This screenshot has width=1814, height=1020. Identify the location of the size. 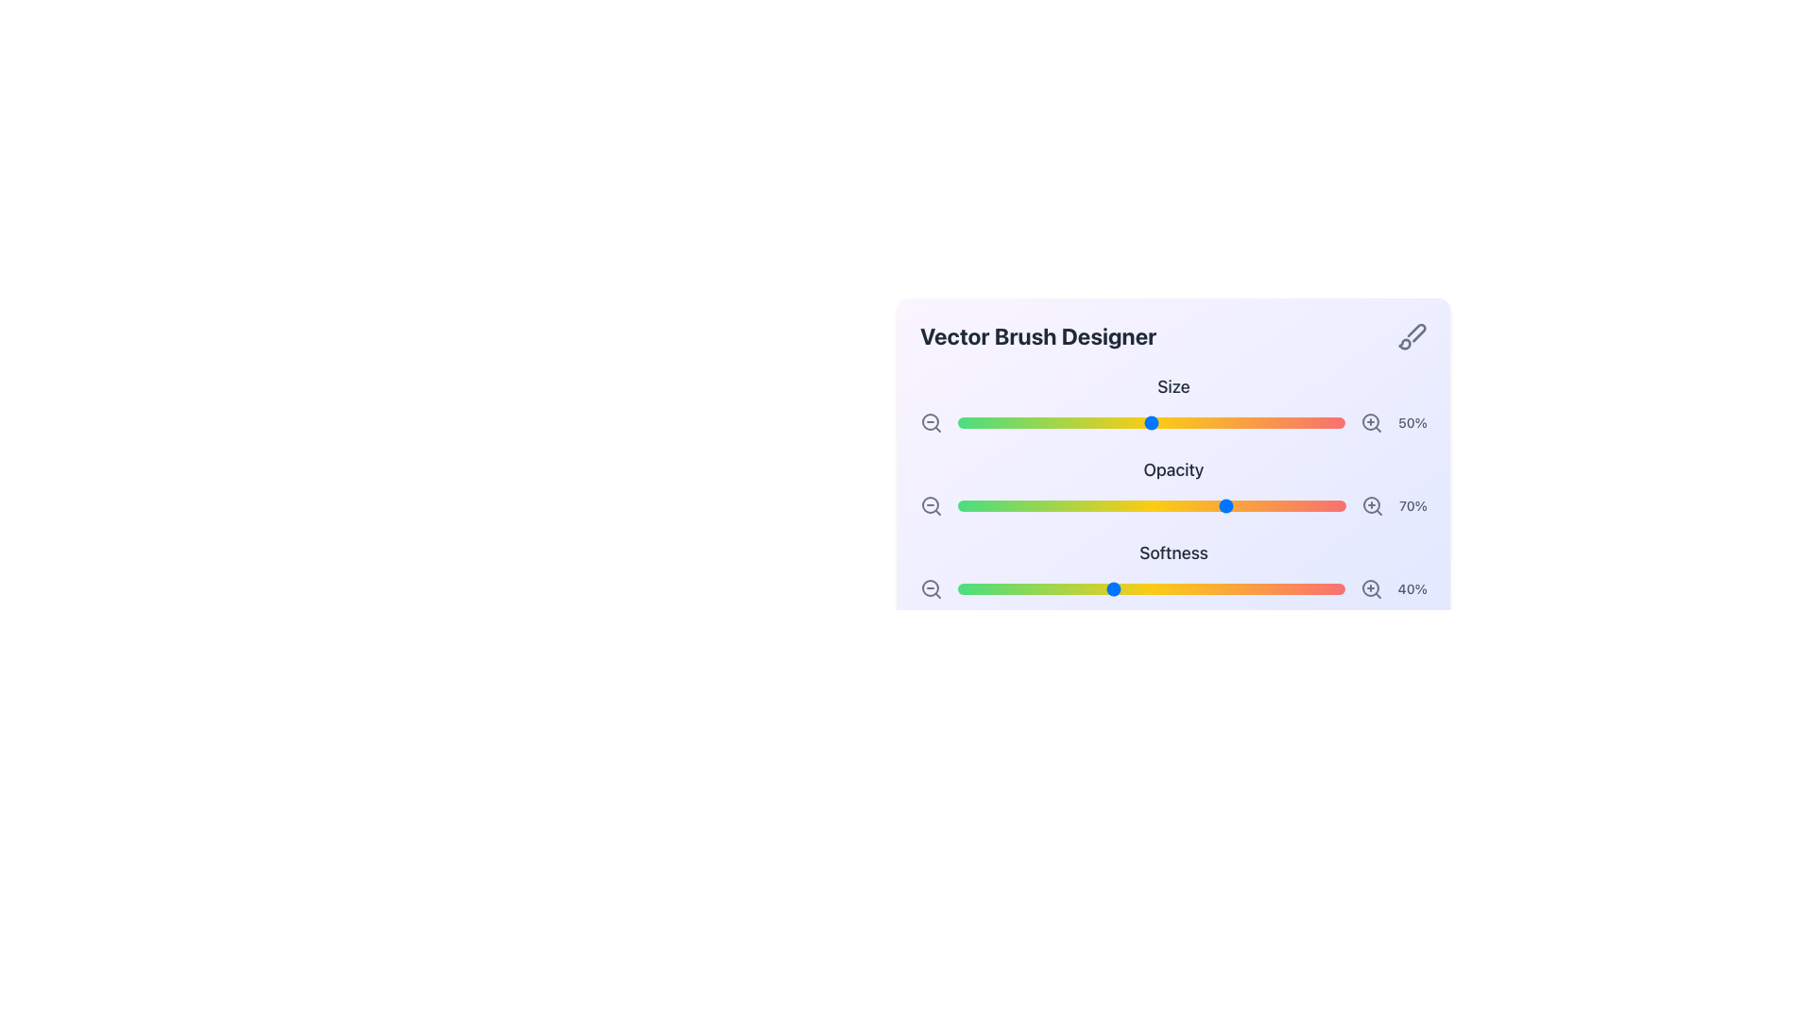
(1201, 421).